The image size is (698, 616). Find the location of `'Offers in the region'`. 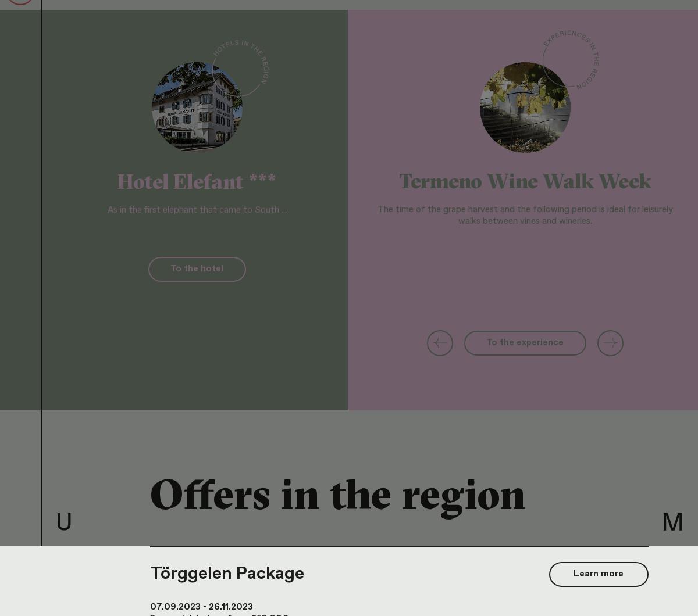

'Offers in the region' is located at coordinates (149, 493).